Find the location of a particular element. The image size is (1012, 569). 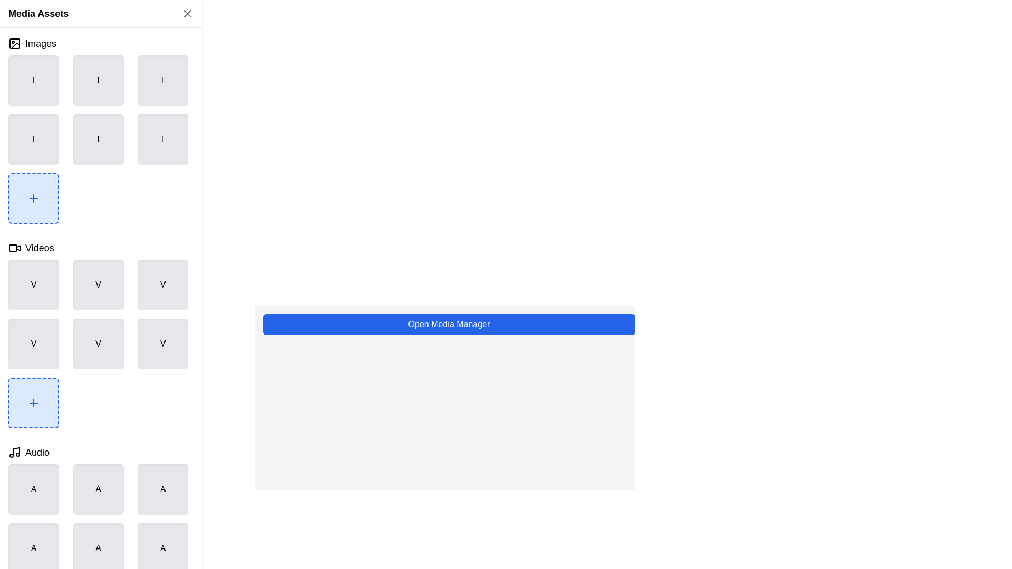

the blue square button with a dashed border and plus icon located in the bottom-left corner of the 3-by-3 grid under the 'Images' section in the 'Media Assets' UI to invoke an action is located at coordinates (33, 199).